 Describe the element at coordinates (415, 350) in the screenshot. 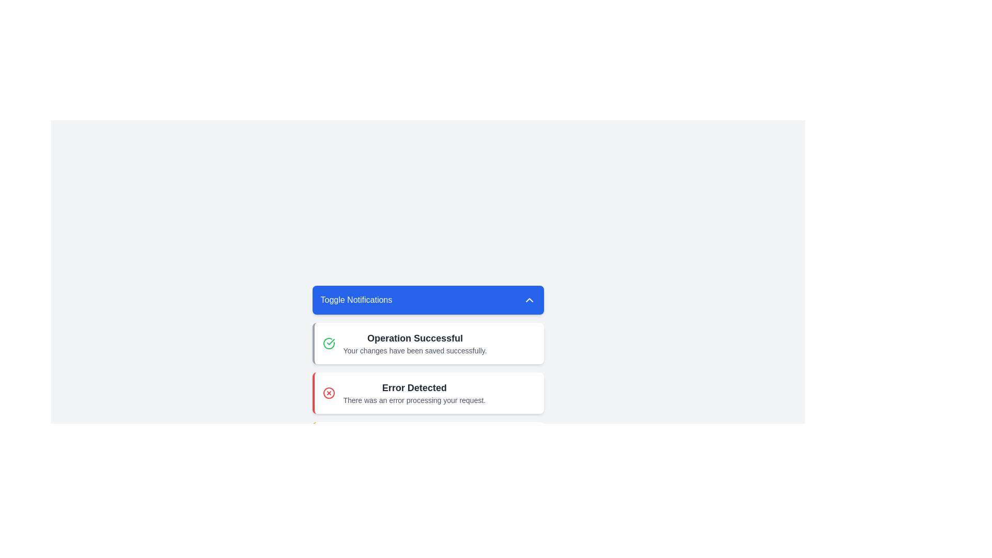

I see `the text label that provides feedback confirming a successful operation, located below the bold text 'Operation Successful' in the notification box` at that location.